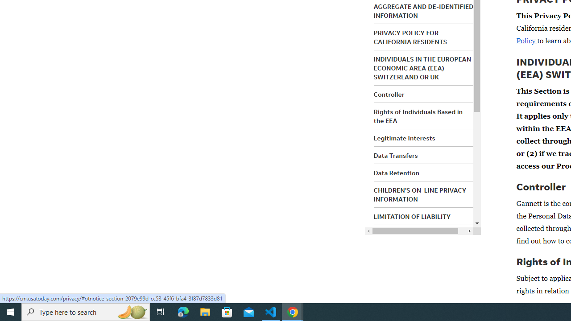  What do you see at coordinates (401, 234) in the screenshot?
I see `'INDEMNIFICATION'` at bounding box center [401, 234].